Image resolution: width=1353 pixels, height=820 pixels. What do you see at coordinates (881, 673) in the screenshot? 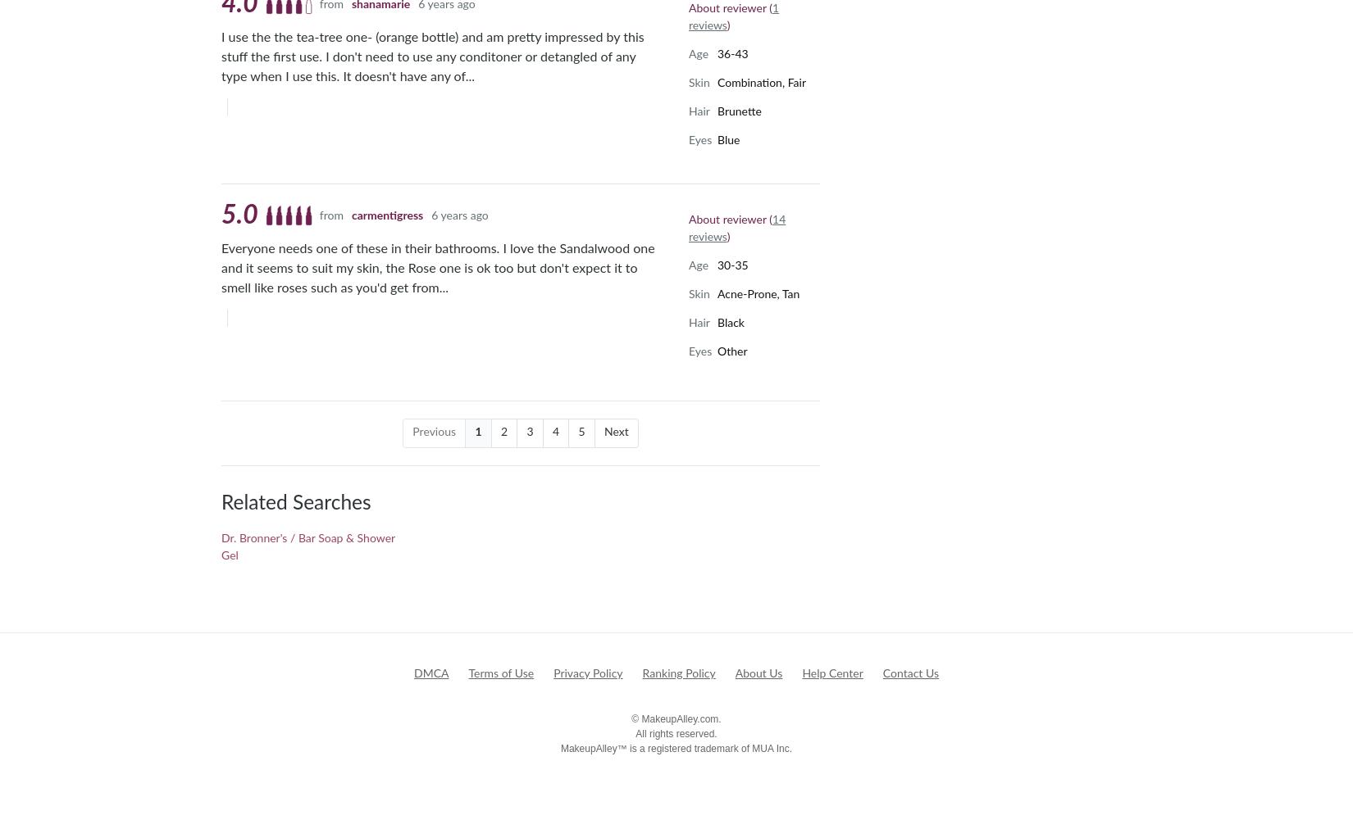
I see `'Contact Us'` at bounding box center [881, 673].